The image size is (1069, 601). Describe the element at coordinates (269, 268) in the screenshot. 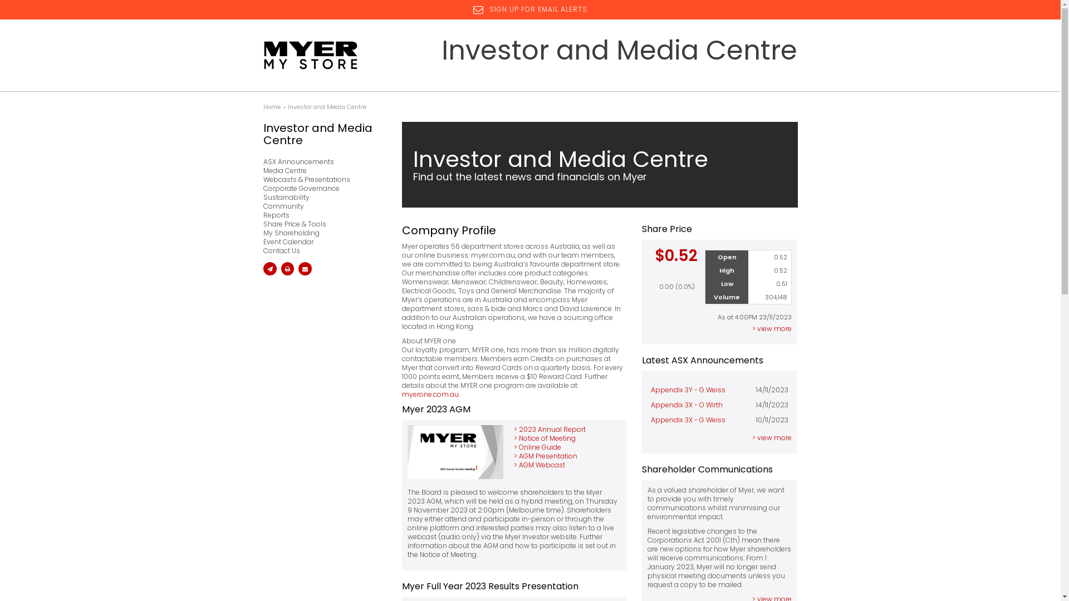

I see `'Email this page'` at that location.